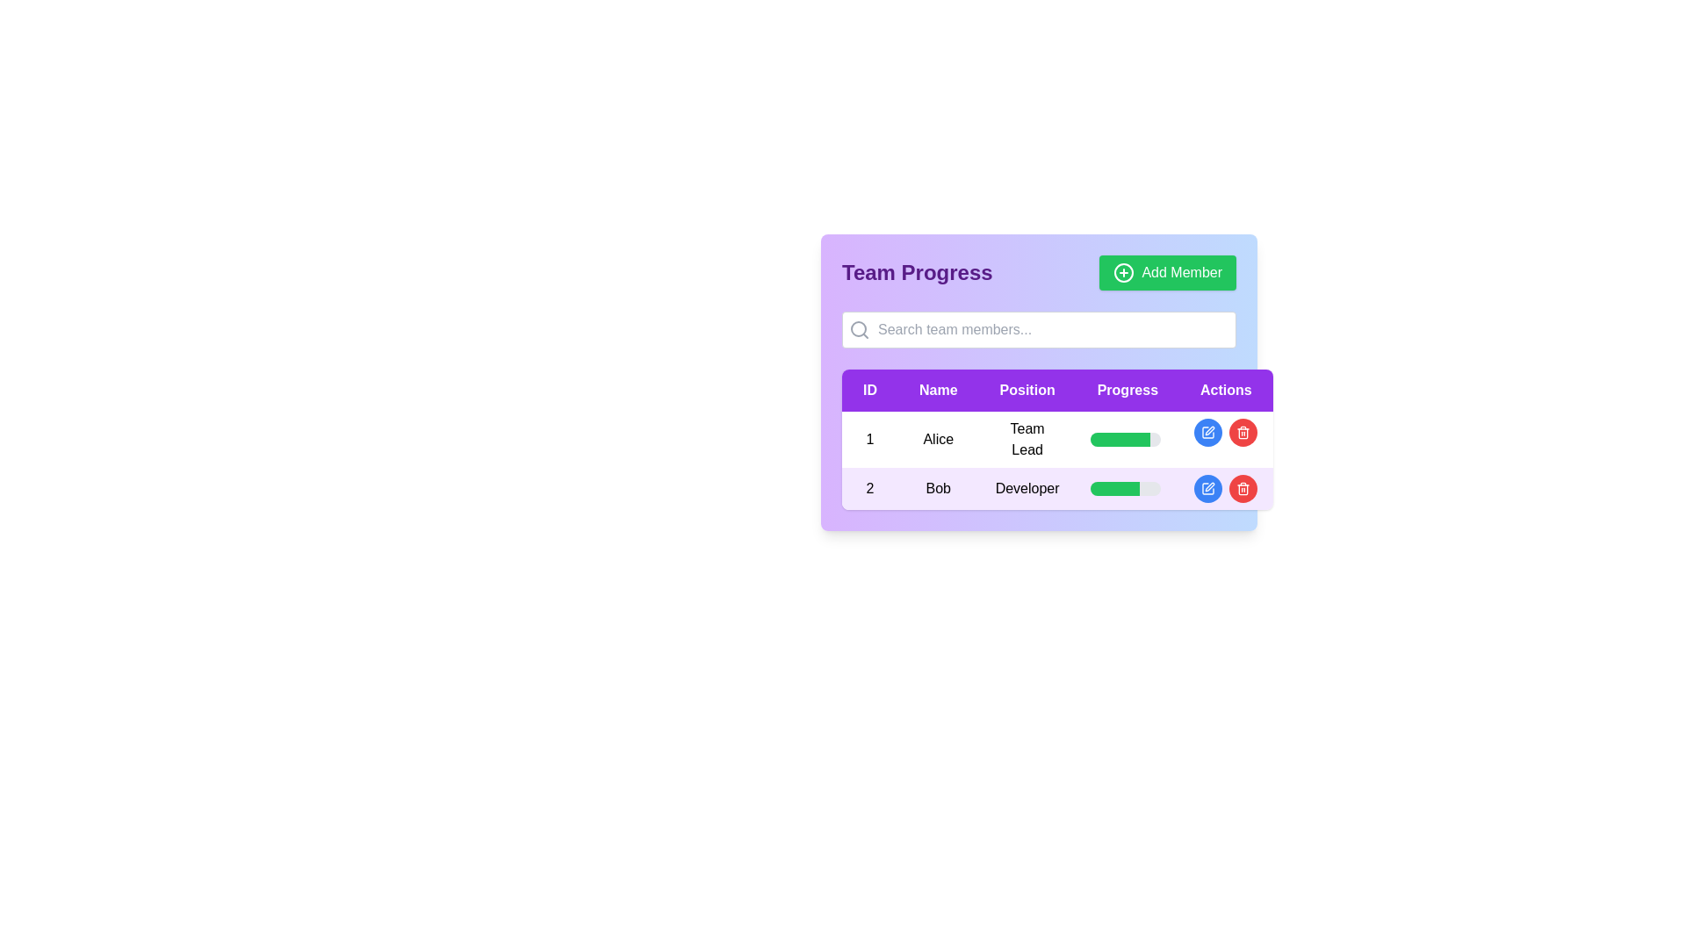 Image resolution: width=1686 pixels, height=948 pixels. What do you see at coordinates (937, 389) in the screenshot?
I see `the 'Name' table header cell, which has a vibrant purple background and white text` at bounding box center [937, 389].